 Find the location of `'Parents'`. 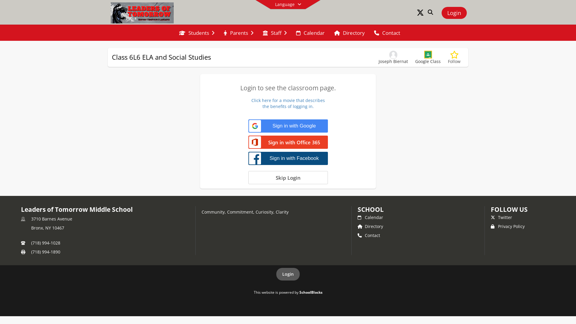

'Parents' is located at coordinates (238, 33).